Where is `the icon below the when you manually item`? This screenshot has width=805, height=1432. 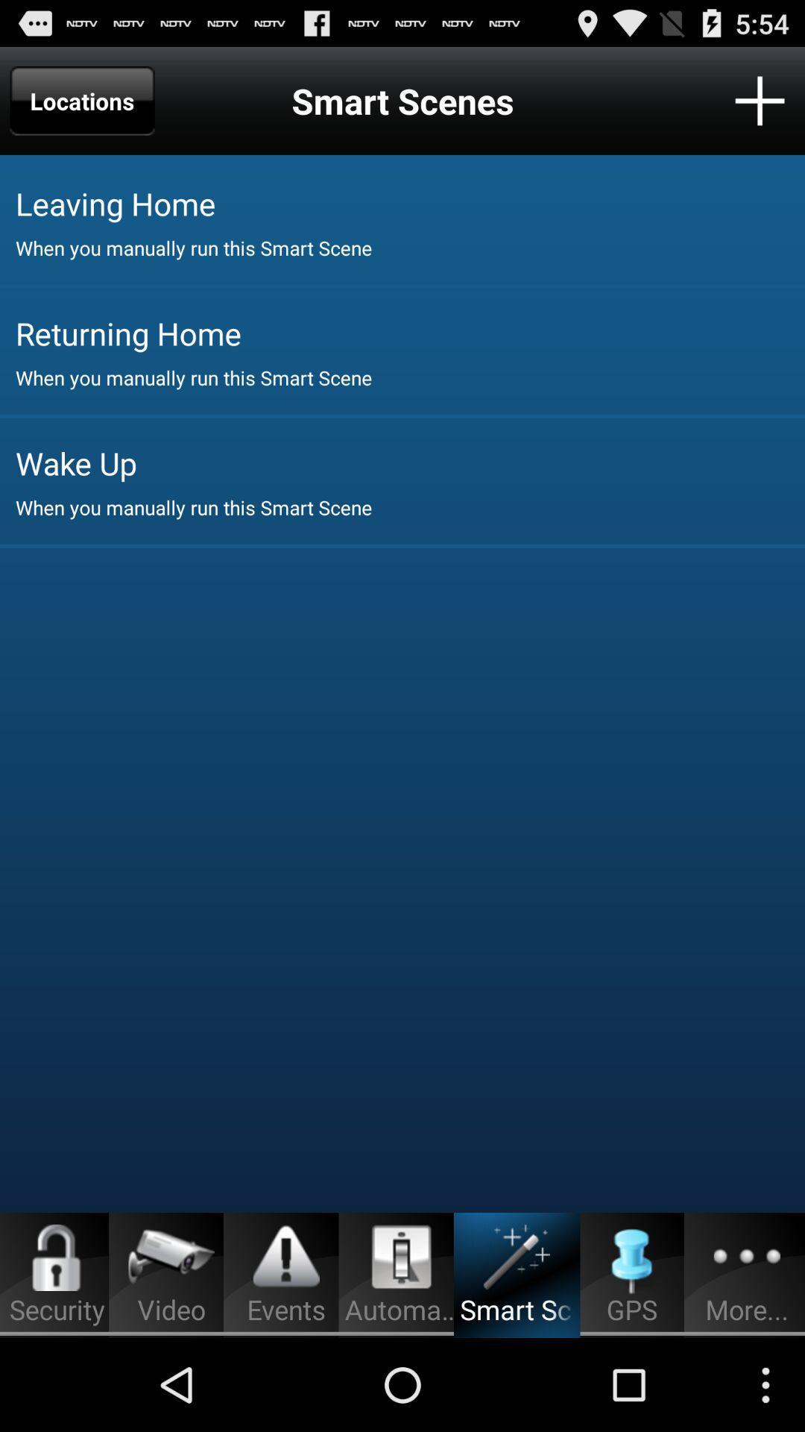
the icon below the when you manually item is located at coordinates (410, 332).